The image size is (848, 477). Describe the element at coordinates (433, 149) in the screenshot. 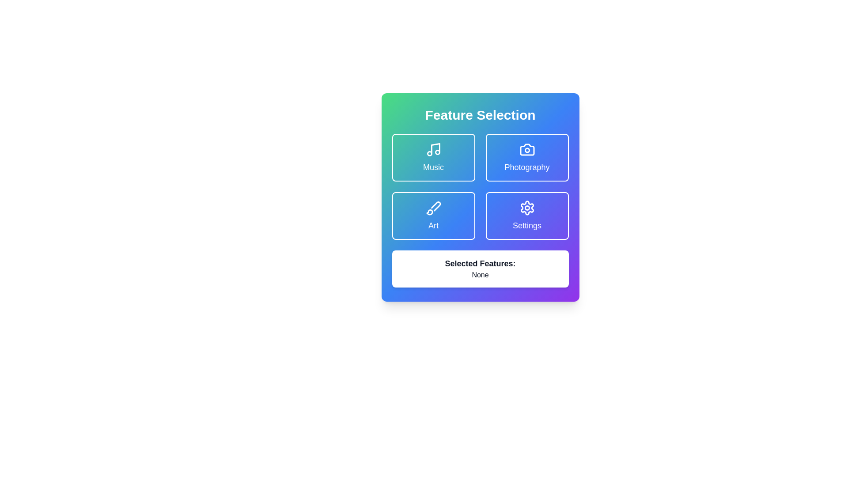

I see `the musical note icon with a white outline located at the top-left corner of the 'Music' box` at that location.